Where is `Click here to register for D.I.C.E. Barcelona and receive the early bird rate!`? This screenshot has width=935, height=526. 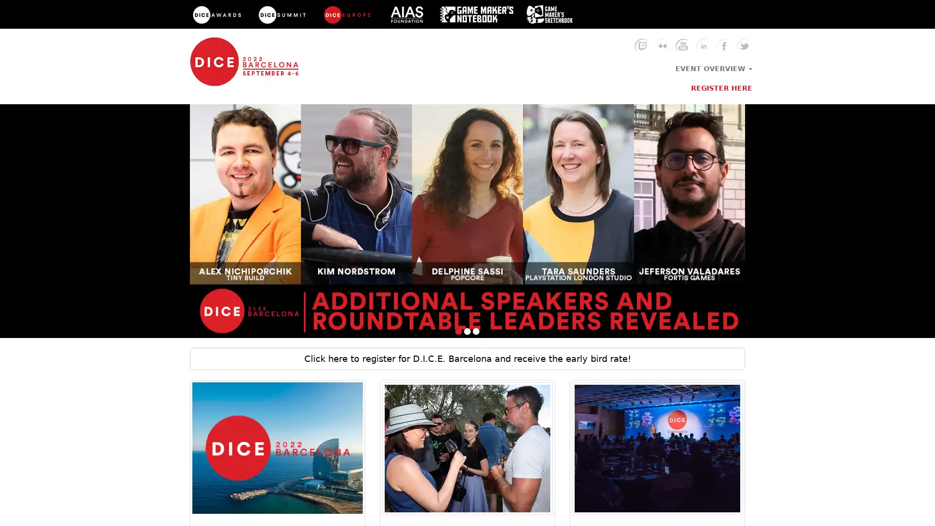
Click here to register for D.I.C.E. Barcelona and receive the early bird rate! is located at coordinates (467, 358).